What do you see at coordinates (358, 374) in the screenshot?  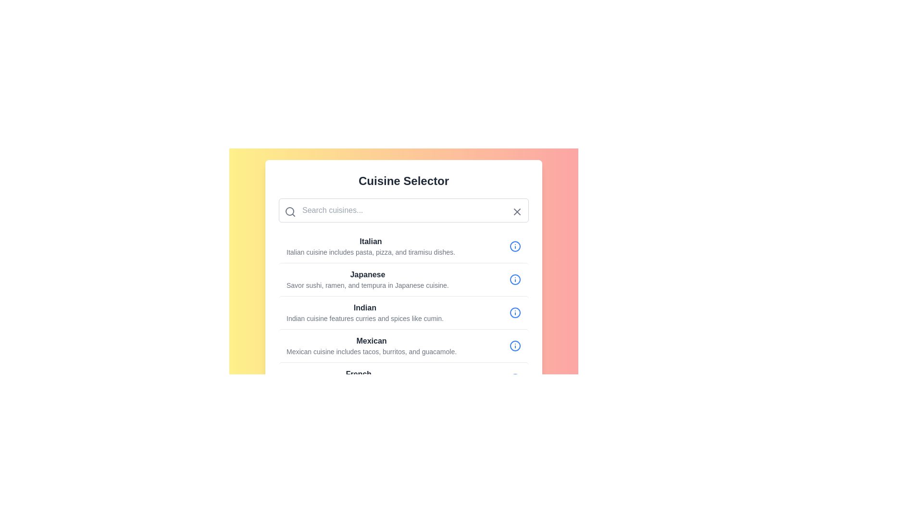 I see `the text label 'French' which is prominently displayed in bold and modern sans-serif font at the start of a description about French cuisine` at bounding box center [358, 374].